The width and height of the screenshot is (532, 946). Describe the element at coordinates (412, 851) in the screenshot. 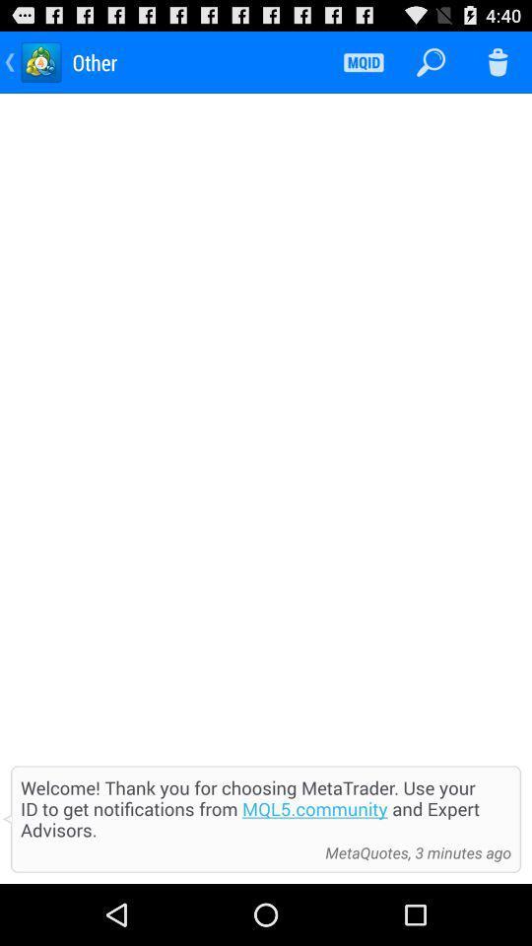

I see `the metaquotes 3 minutes at the bottom right corner` at that location.